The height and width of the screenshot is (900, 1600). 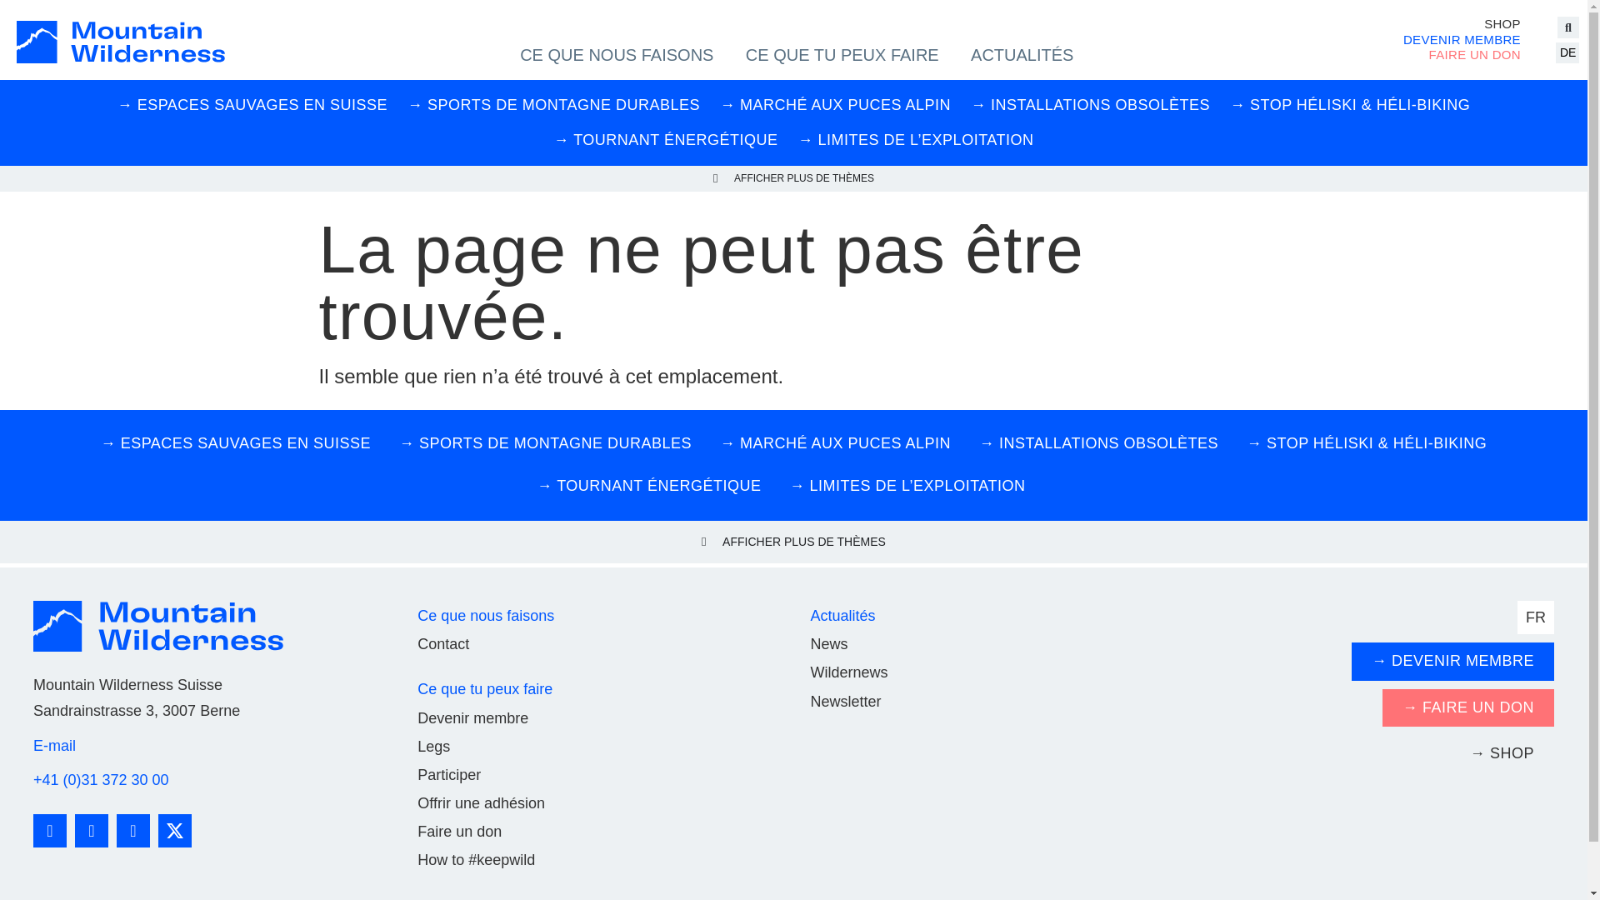 What do you see at coordinates (448, 774) in the screenshot?
I see `'Participer'` at bounding box center [448, 774].